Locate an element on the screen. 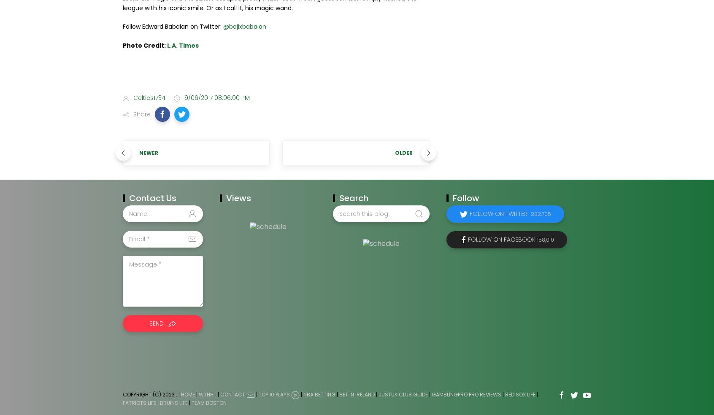 This screenshot has height=415, width=714. 'Newer' is located at coordinates (148, 152).